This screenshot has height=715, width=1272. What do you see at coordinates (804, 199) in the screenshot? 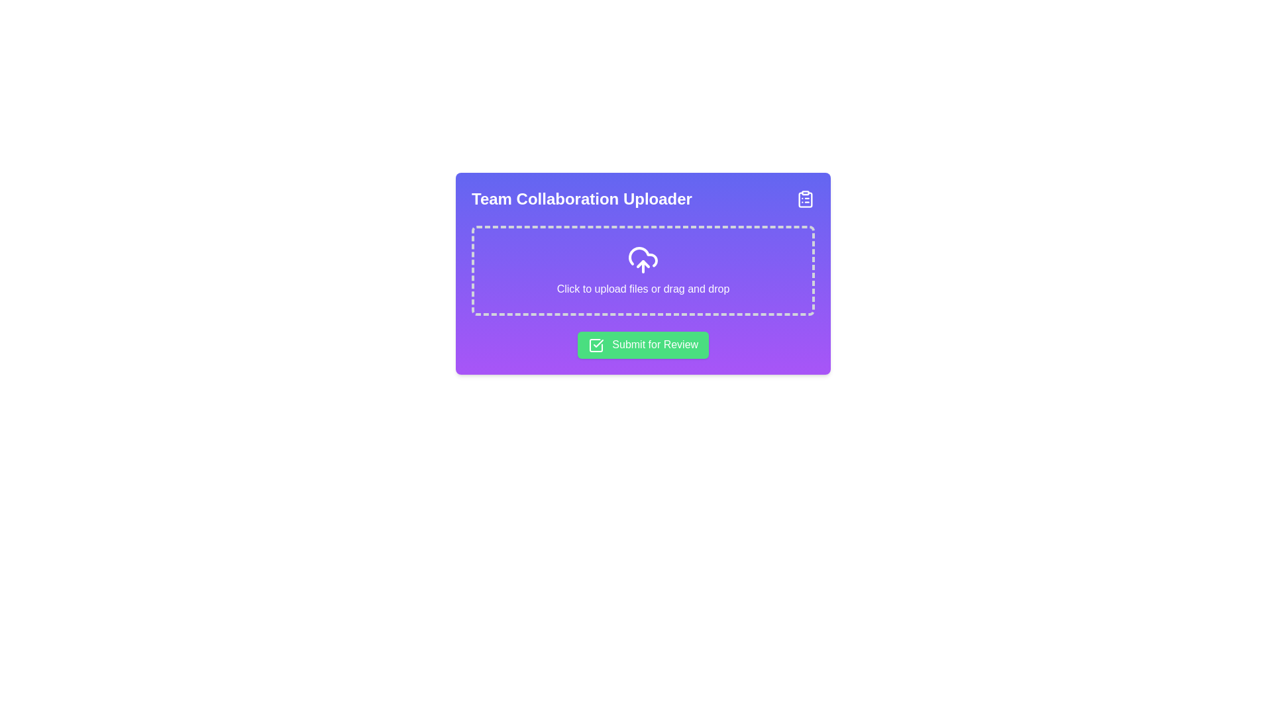
I see `the clipboard checklist icon located in the top-right corner of the 'Team Collaboration Uploader' card, which has a purple gradient background with white lines and dots` at bounding box center [804, 199].